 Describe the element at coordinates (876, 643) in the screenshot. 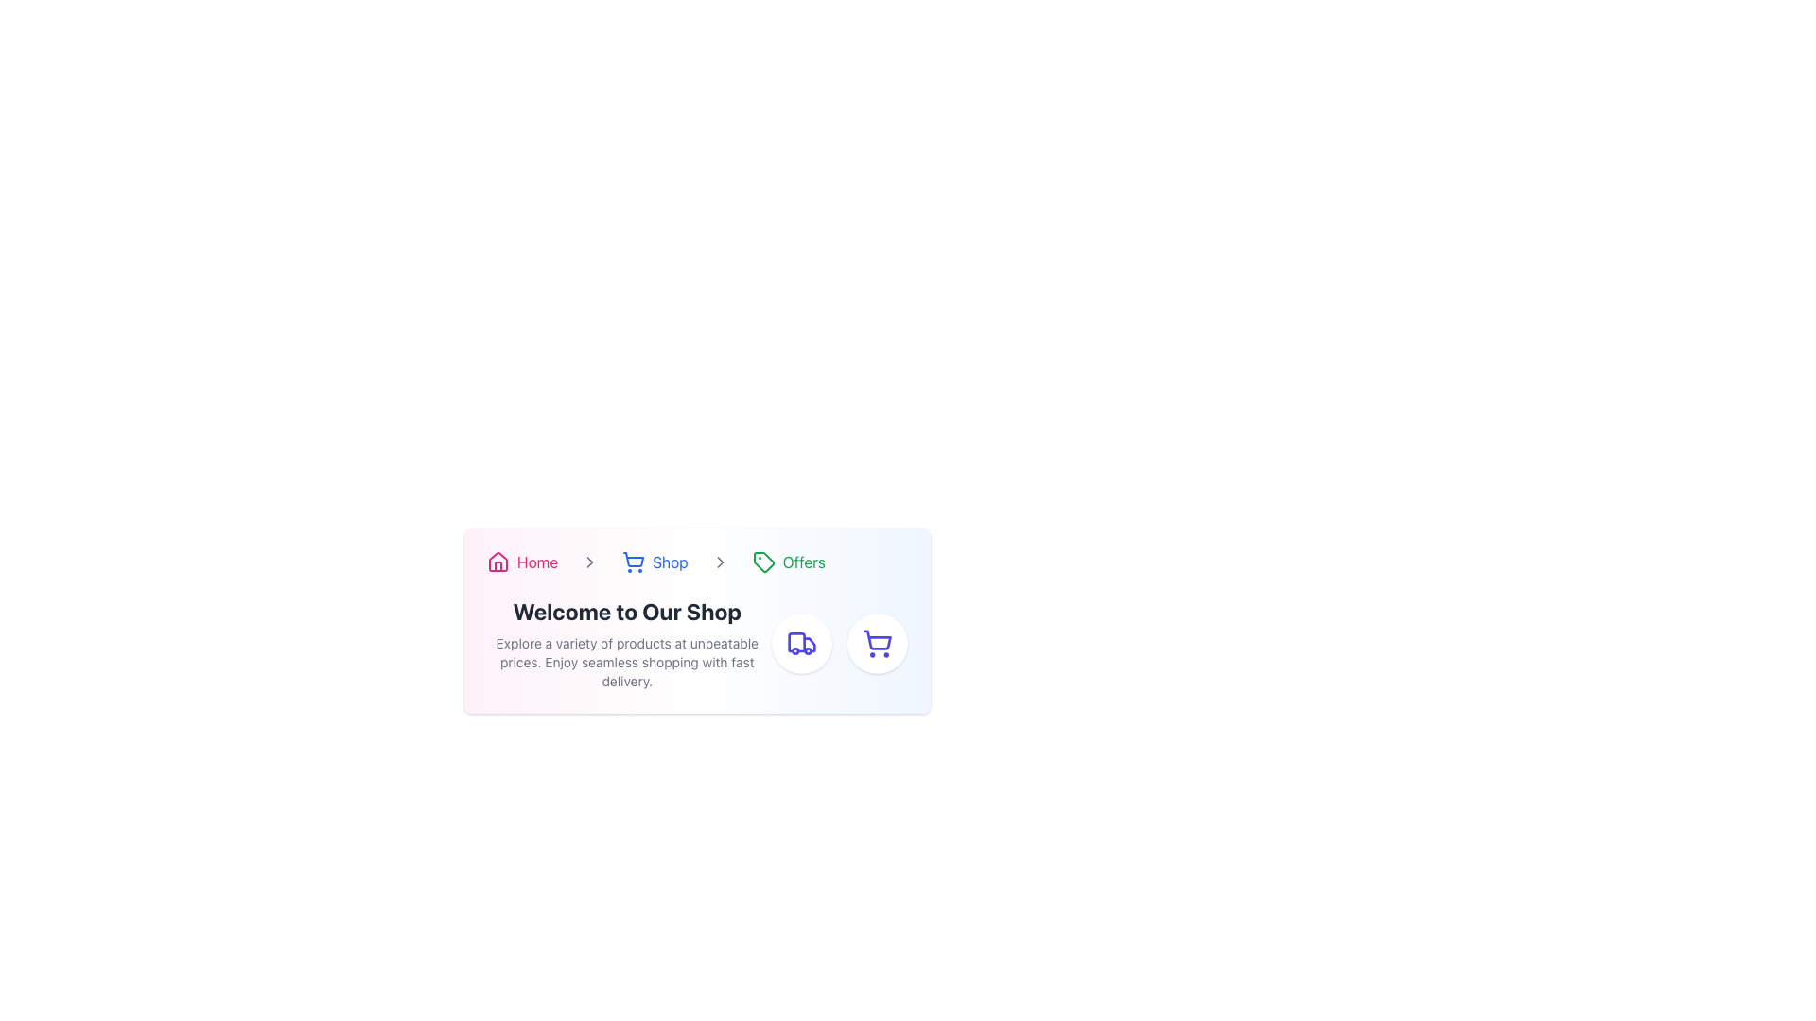

I see `the shopping cart button located on the right side of the horizontal row of circular buttons` at that location.